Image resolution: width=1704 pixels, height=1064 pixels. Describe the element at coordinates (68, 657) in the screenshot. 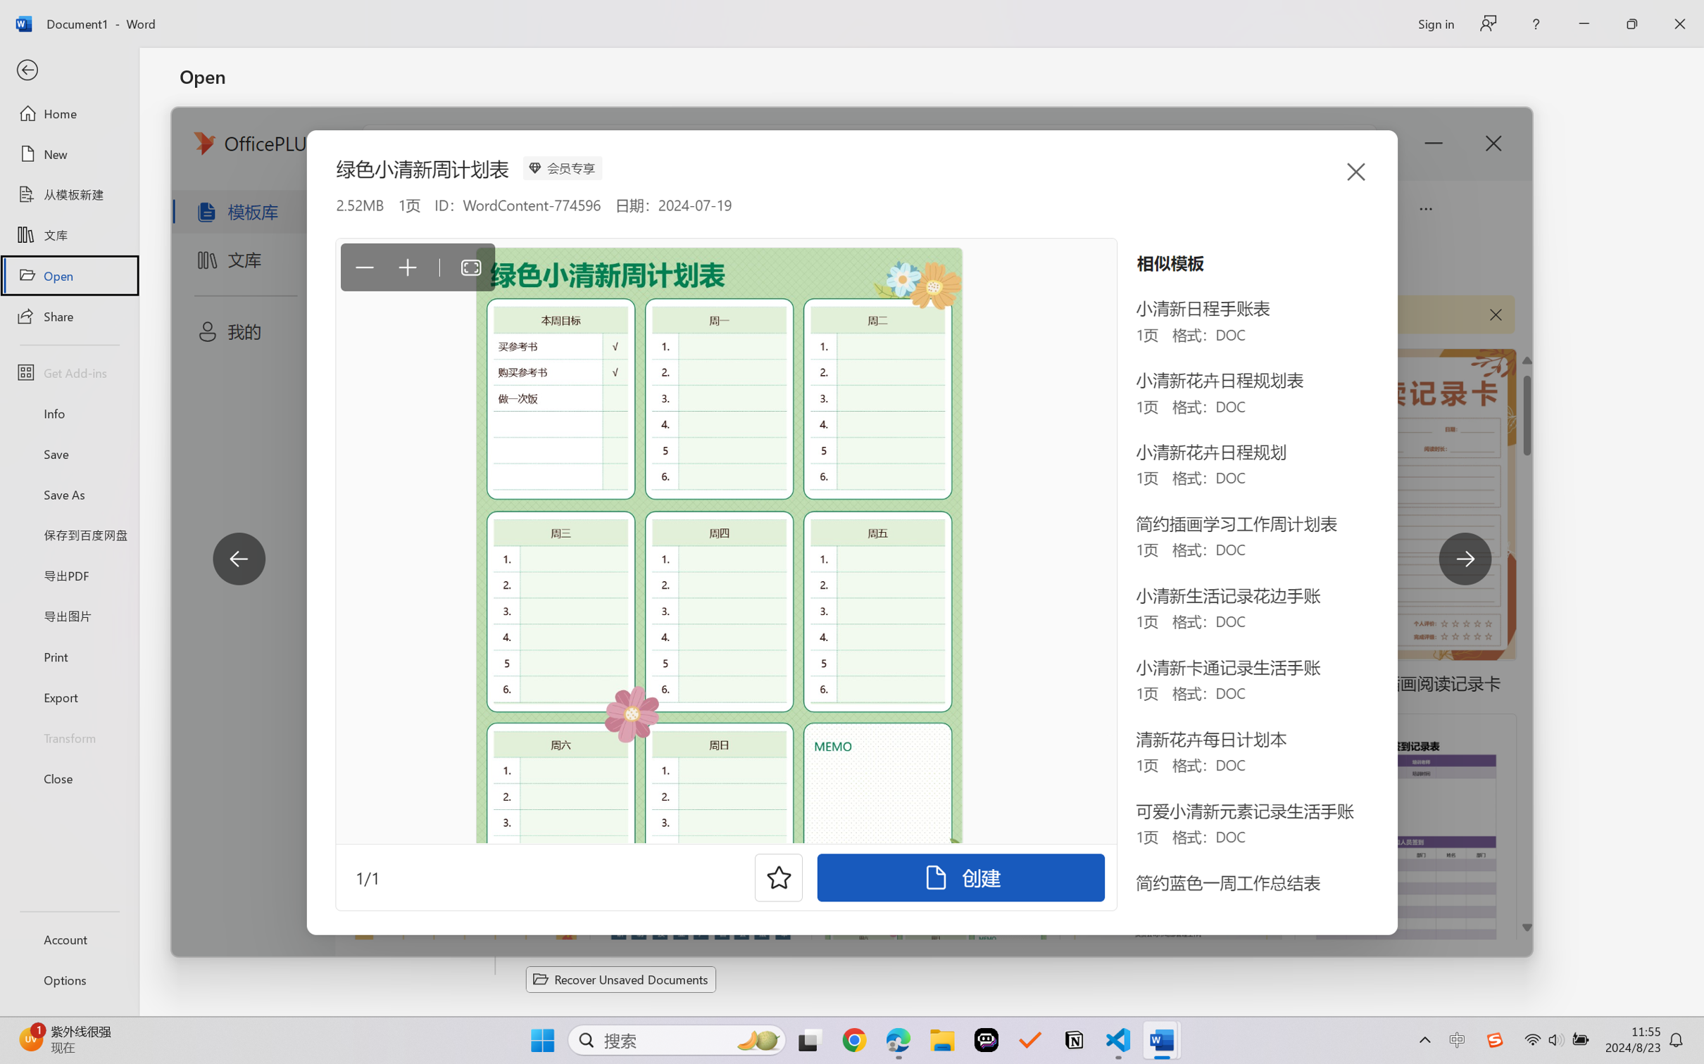

I see `'Print'` at that location.